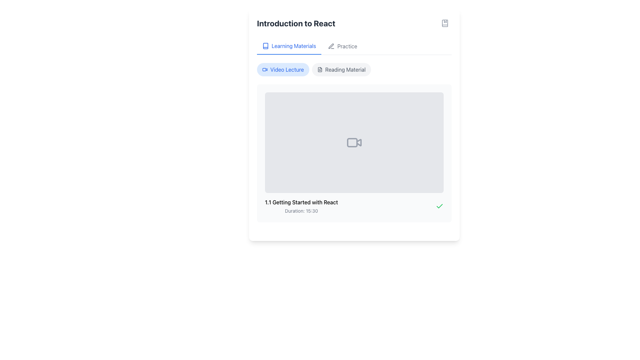 This screenshot has width=640, height=360. What do you see at coordinates (265, 69) in the screenshot?
I see `the small video icon with a white fill and blue circular border located to the left of the 'Video Lecture' text by clicking on it` at bounding box center [265, 69].